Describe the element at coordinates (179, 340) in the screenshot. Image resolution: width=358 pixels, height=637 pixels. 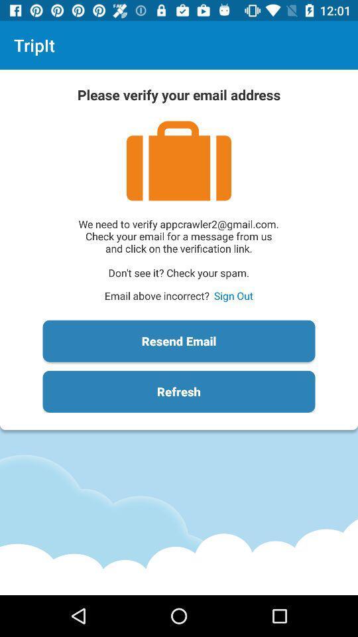
I see `item above the refresh` at that location.